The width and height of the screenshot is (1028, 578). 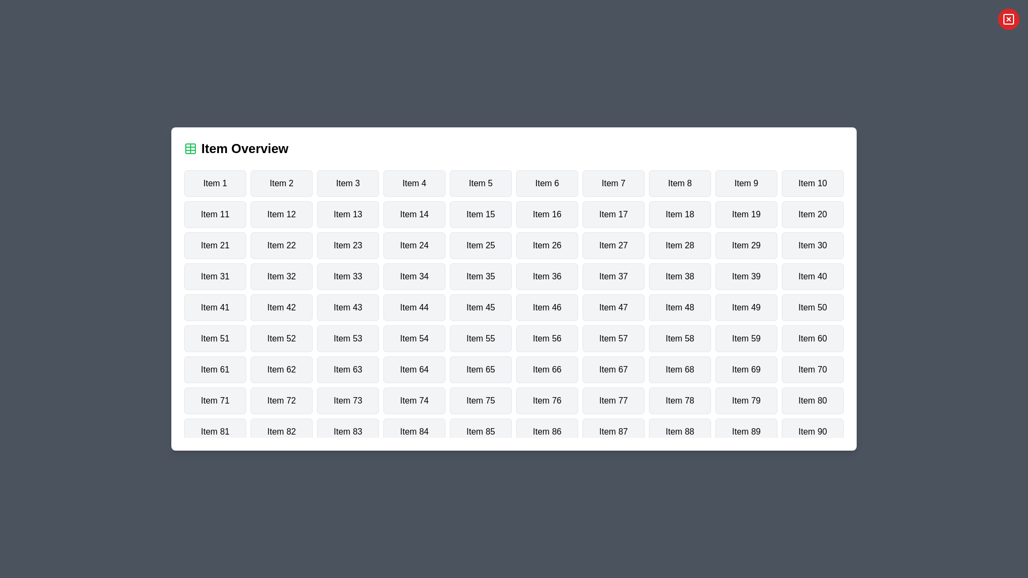 I want to click on close button to close the dialog, so click(x=1008, y=19).